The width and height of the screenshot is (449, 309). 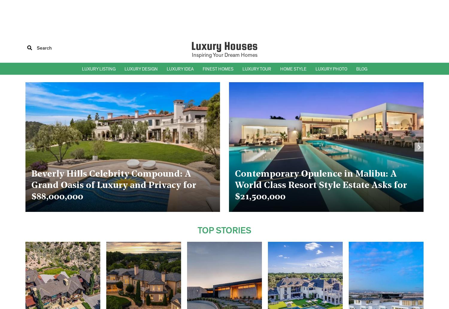 I want to click on '– Bedroom Ideas', so click(x=181, y=96).